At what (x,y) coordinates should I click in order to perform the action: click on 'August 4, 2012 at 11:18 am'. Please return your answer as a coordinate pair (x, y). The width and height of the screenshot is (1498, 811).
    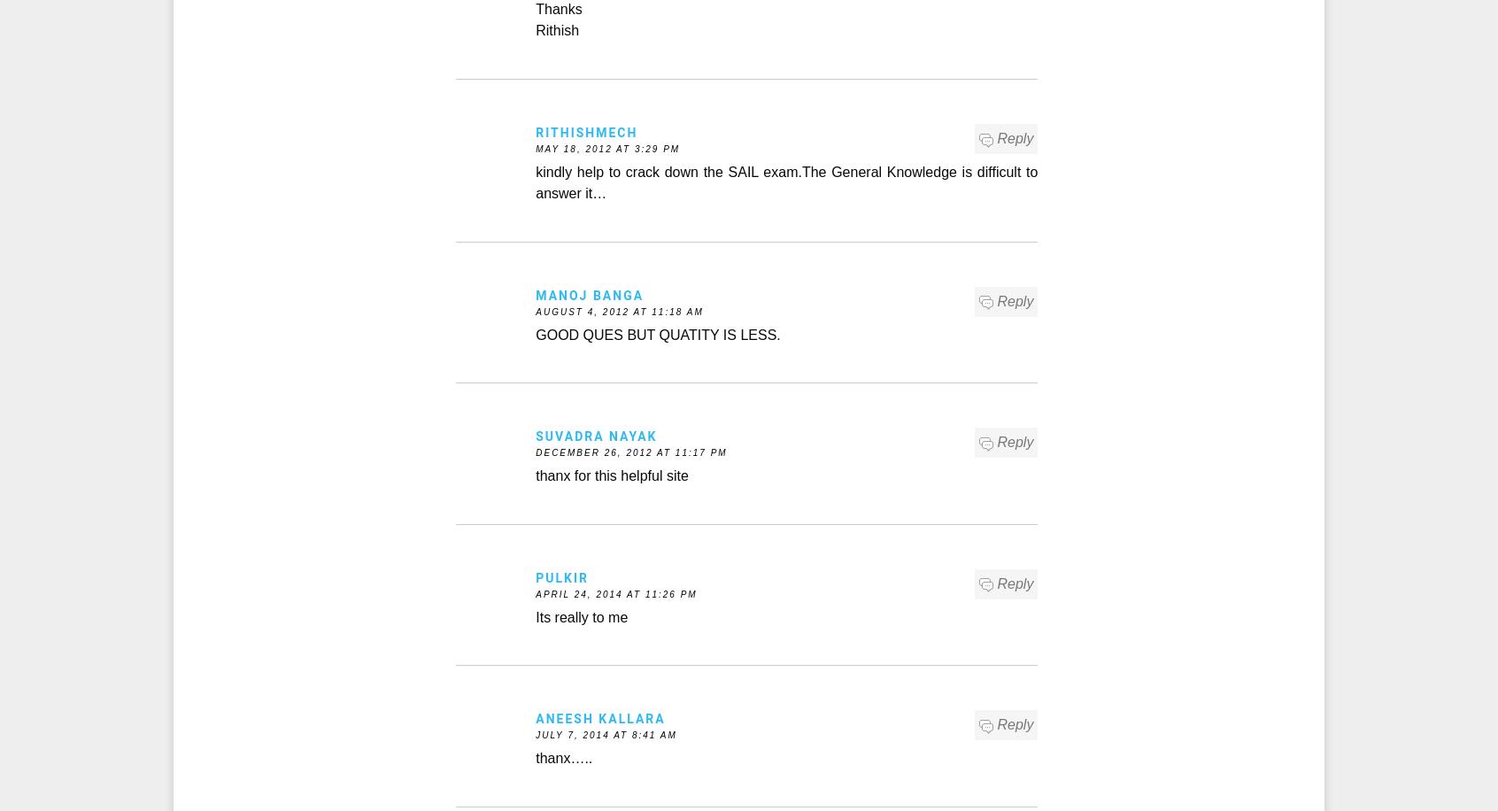
    Looking at the image, I should click on (619, 311).